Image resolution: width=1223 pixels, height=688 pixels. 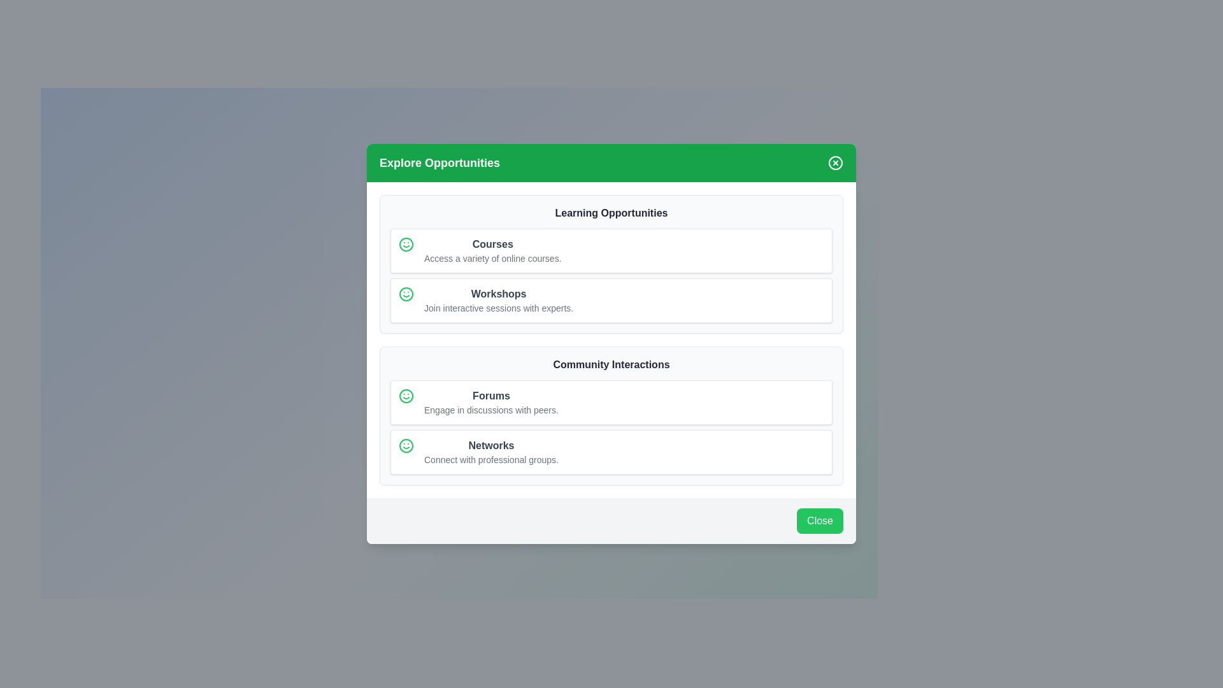 I want to click on the Text Label that serves as a header for networking opportunities, located in the 'Community Interactions' section, positioned between the 'Forums' element and the descriptive text 'Connect with professional groups', so click(x=490, y=445).